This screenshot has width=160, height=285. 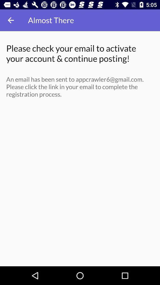 What do you see at coordinates (11, 20) in the screenshot?
I see `item above the please check your icon` at bounding box center [11, 20].